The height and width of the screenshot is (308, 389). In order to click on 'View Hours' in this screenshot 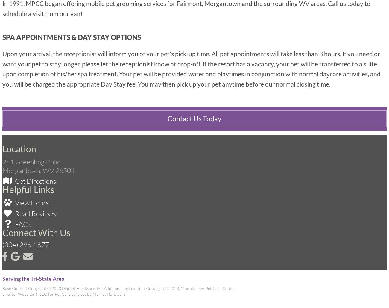, I will do `click(31, 202)`.